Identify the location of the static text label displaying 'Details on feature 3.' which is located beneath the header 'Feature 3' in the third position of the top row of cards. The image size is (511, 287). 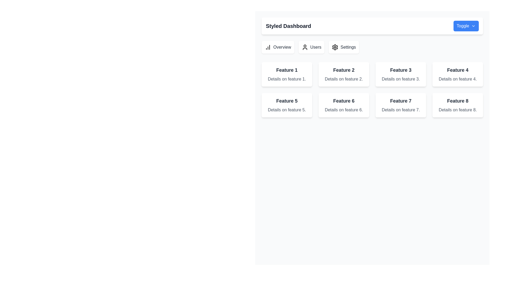
(401, 79).